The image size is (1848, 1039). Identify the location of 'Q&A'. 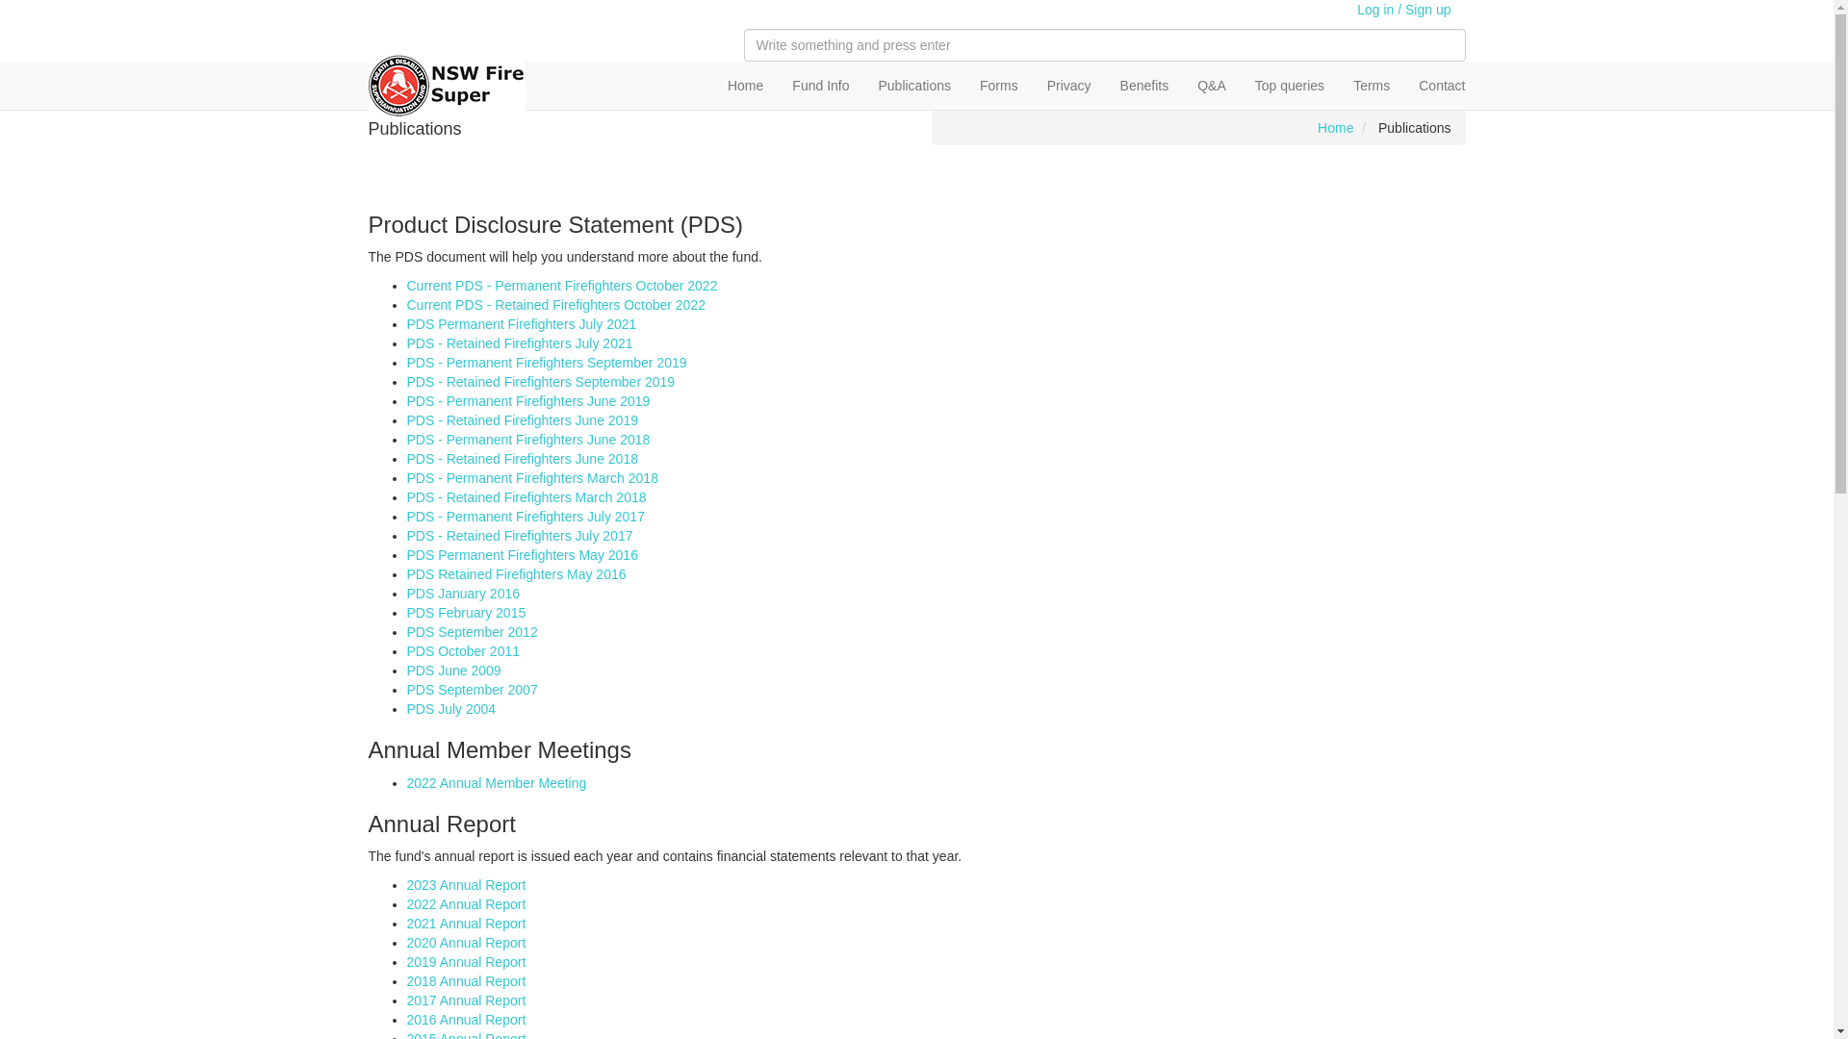
(1210, 84).